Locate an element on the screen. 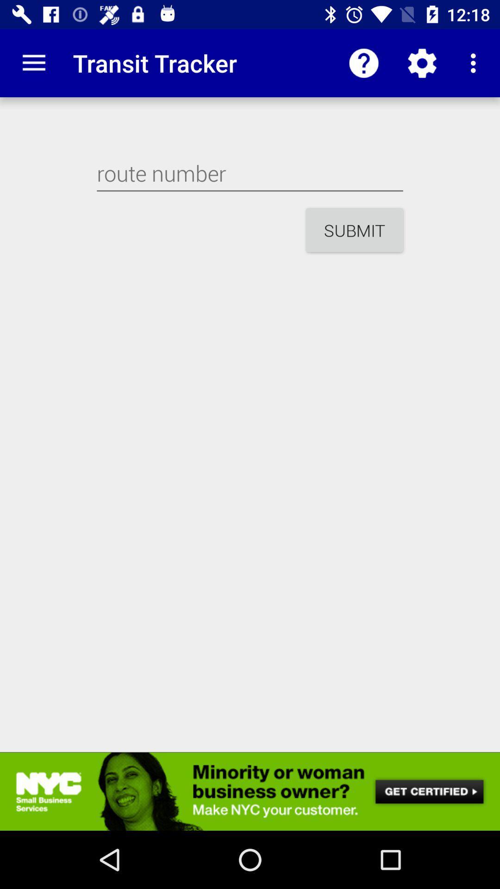 The image size is (500, 889). fill the line is located at coordinates (250, 173).